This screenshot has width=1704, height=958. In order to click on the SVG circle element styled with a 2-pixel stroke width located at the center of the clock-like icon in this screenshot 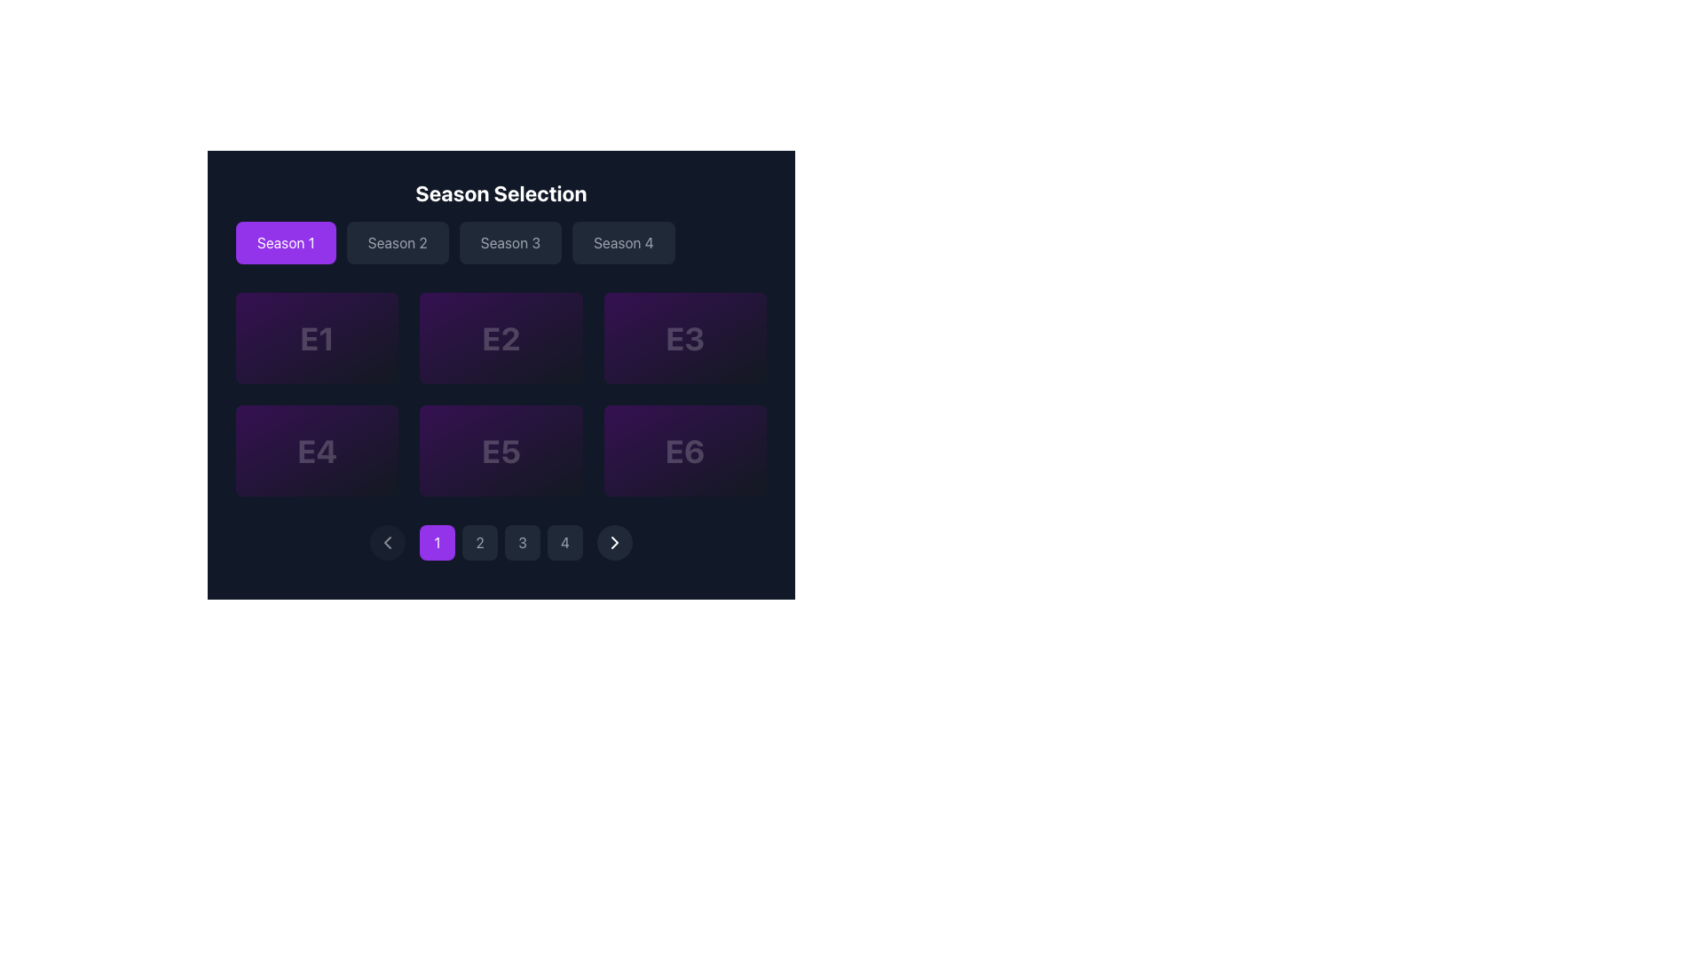, I will do `click(493, 404)`.